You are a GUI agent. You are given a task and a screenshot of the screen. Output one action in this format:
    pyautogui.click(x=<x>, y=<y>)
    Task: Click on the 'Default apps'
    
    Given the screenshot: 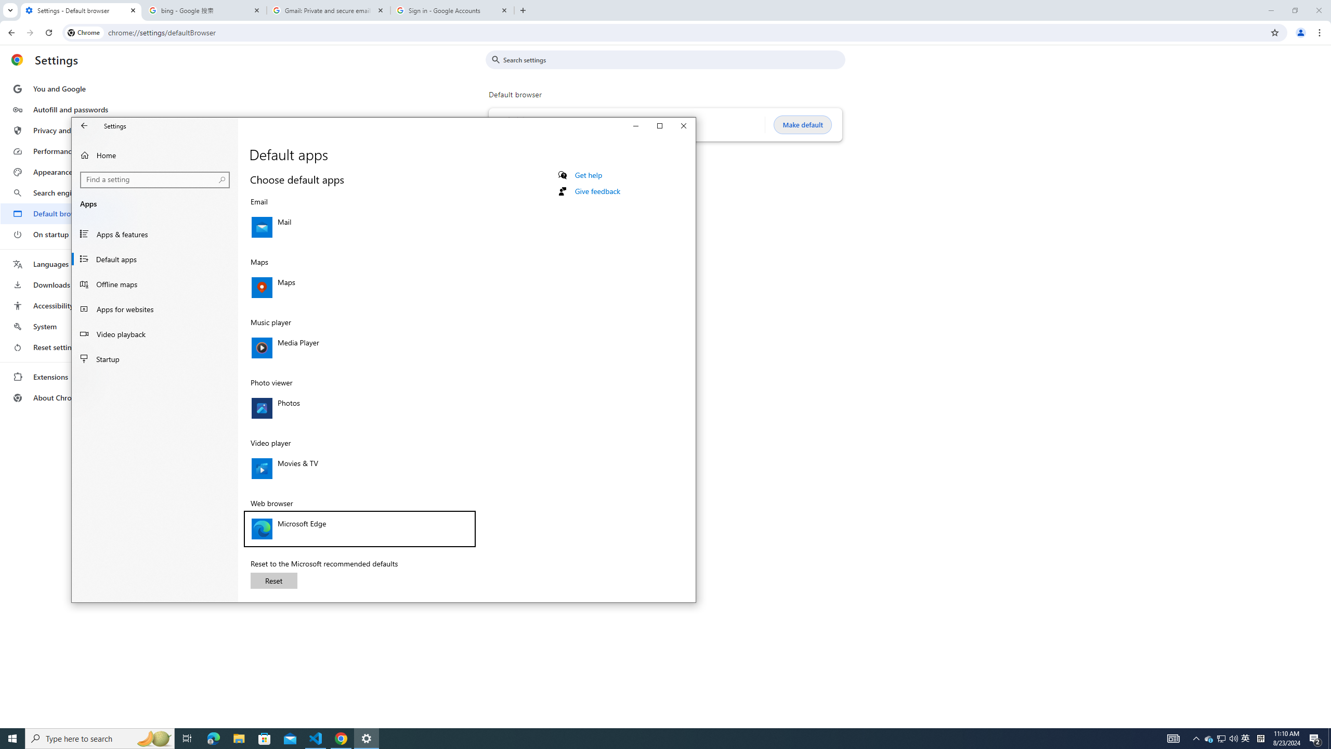 What is the action you would take?
    pyautogui.click(x=154, y=259)
    